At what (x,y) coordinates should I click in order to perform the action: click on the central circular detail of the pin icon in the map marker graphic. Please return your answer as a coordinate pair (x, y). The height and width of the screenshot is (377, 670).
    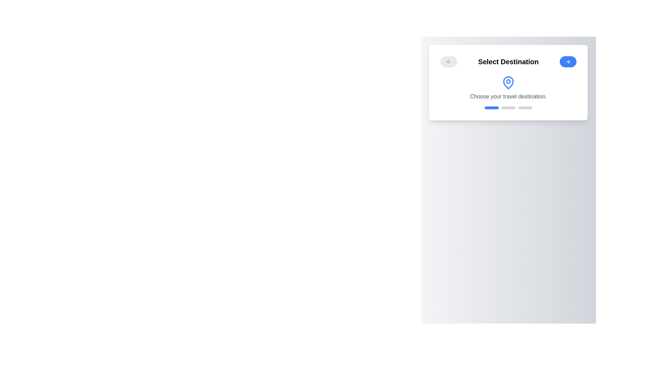
    Looking at the image, I should click on (508, 81).